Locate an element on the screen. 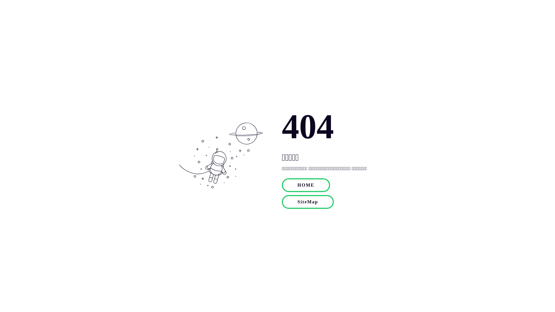 This screenshot has width=555, height=312. 'SiteMap' is located at coordinates (308, 201).